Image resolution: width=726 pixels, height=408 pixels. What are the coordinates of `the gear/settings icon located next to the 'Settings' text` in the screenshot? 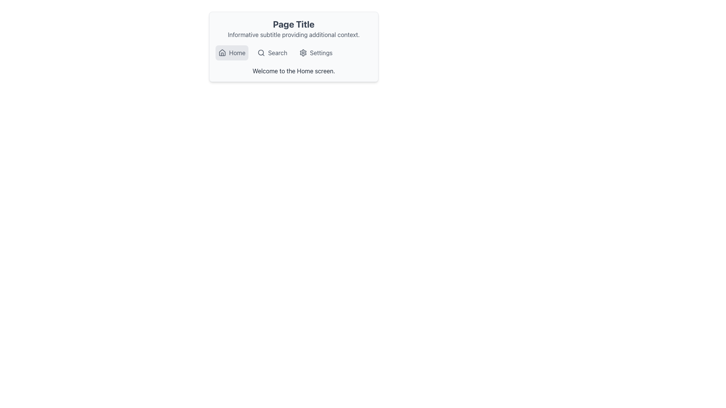 It's located at (303, 52).